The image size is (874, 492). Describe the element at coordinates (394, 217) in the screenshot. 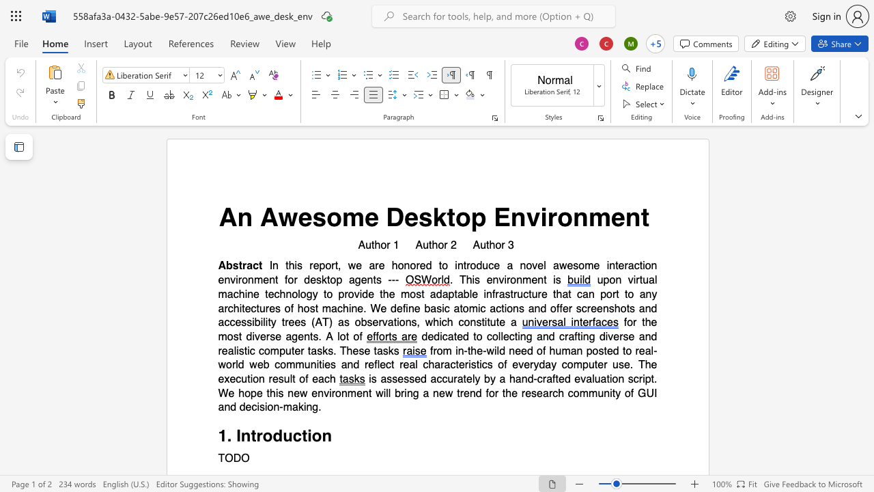

I see `the 1th character "D" in the text` at that location.